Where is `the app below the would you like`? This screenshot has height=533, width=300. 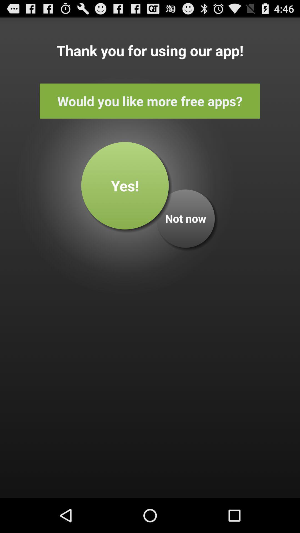 the app below the would you like is located at coordinates (186, 218).